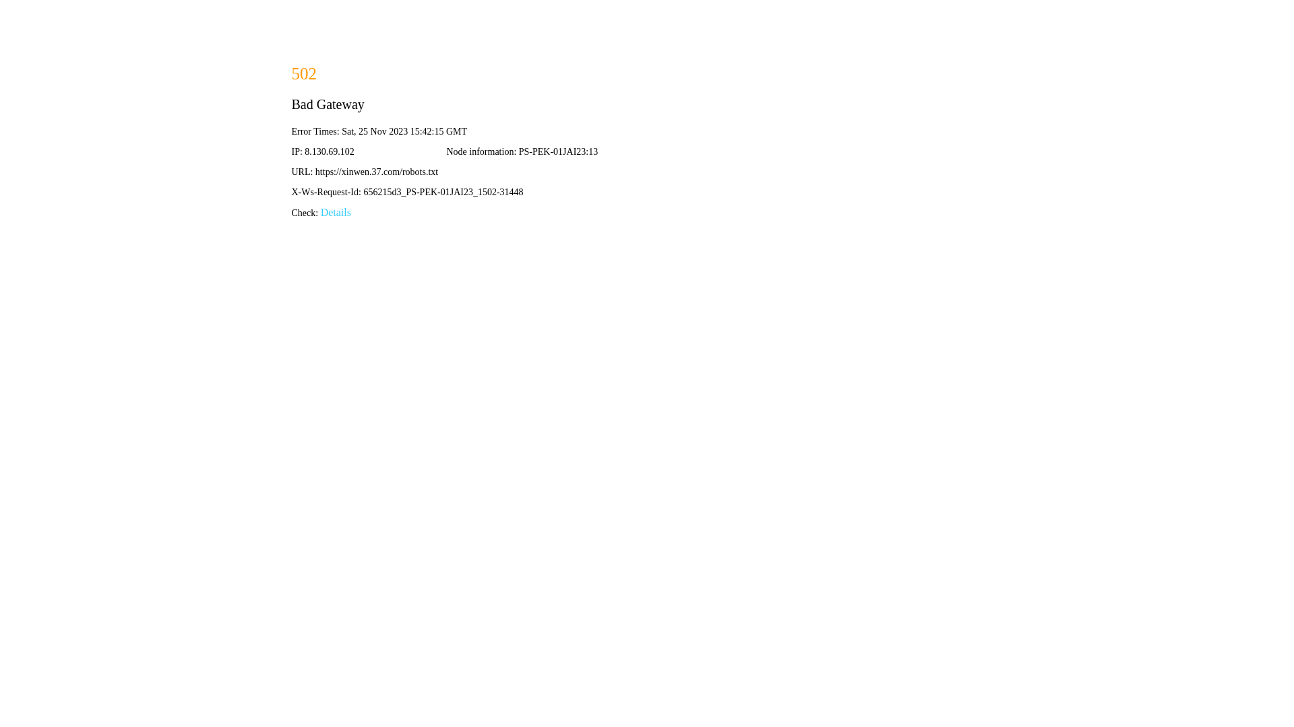  Describe the element at coordinates (336, 212) in the screenshot. I see `'Details'` at that location.